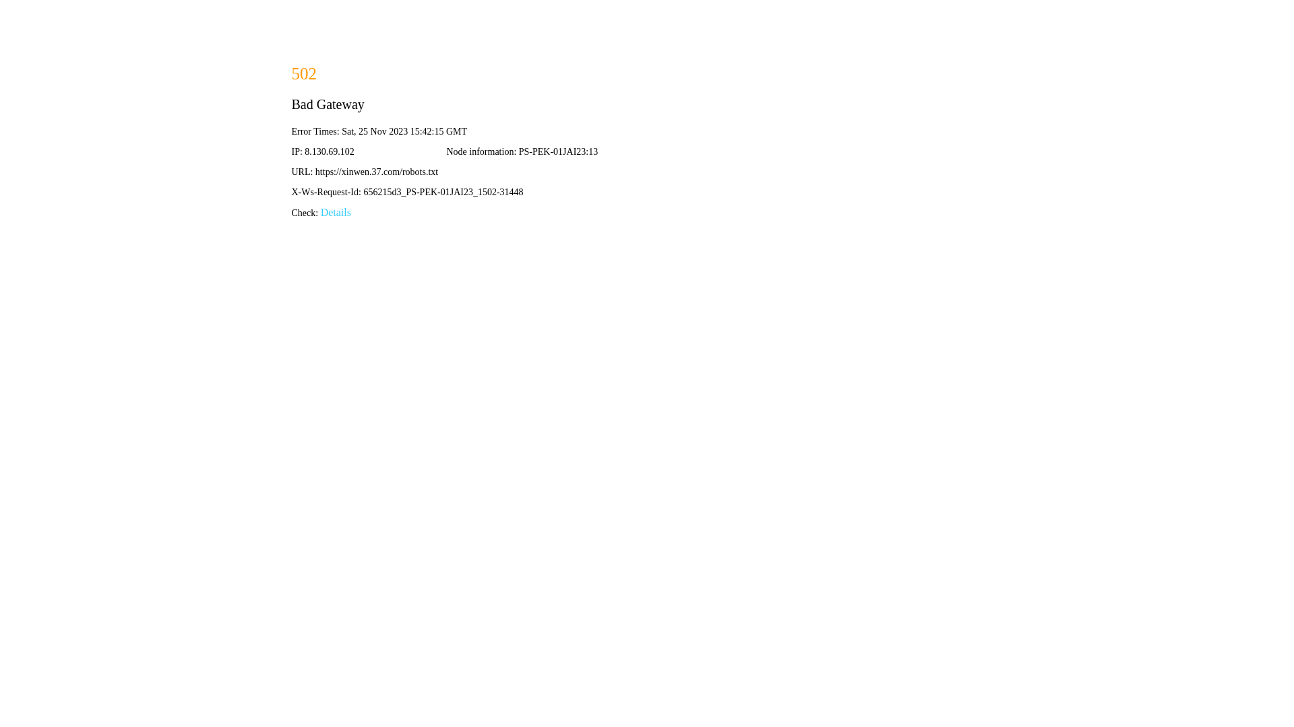  Describe the element at coordinates (336, 212) in the screenshot. I see `'Details'` at that location.